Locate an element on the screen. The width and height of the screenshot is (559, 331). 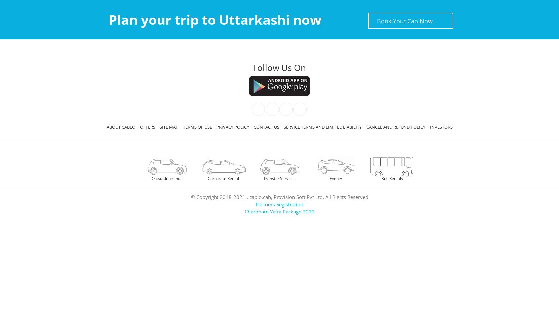
'Corporate Rental' is located at coordinates (222, 178).